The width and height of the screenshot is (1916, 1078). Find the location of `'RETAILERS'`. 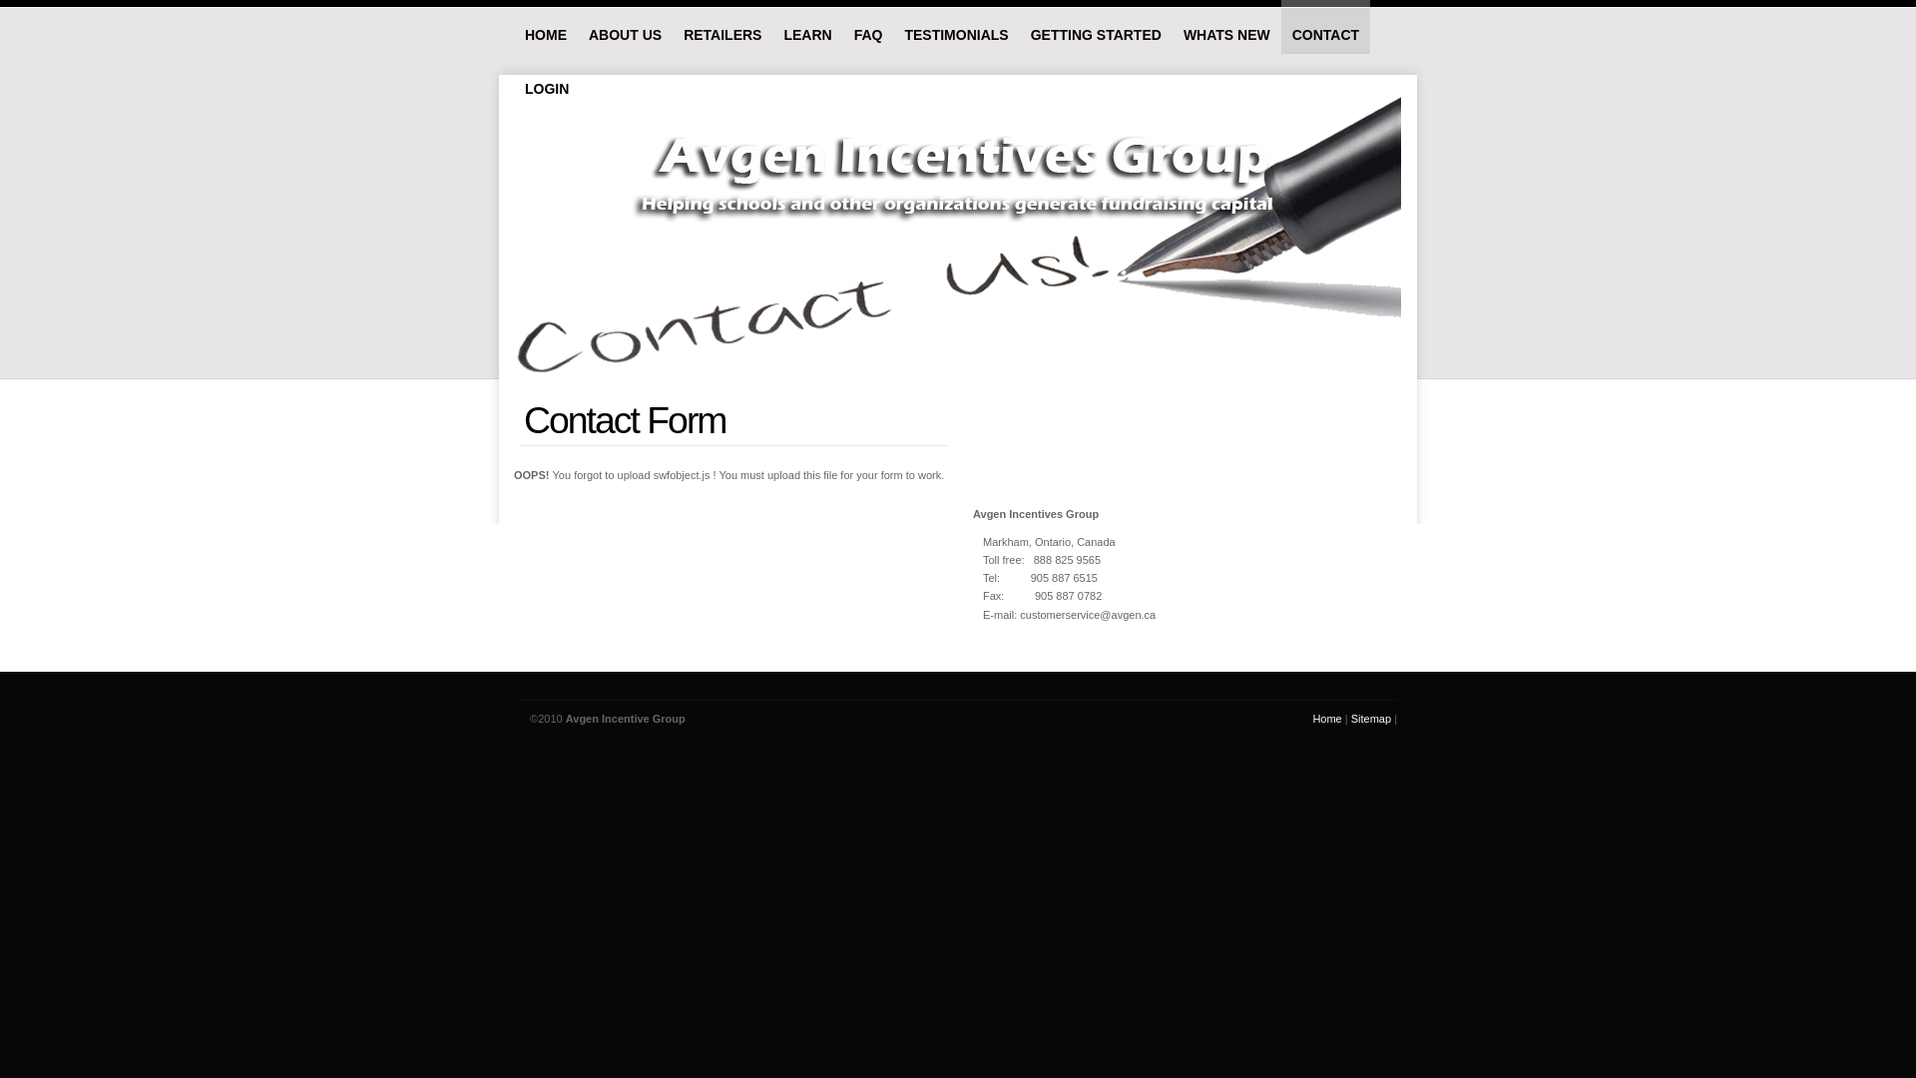

'RETAILERS' is located at coordinates (721, 26).